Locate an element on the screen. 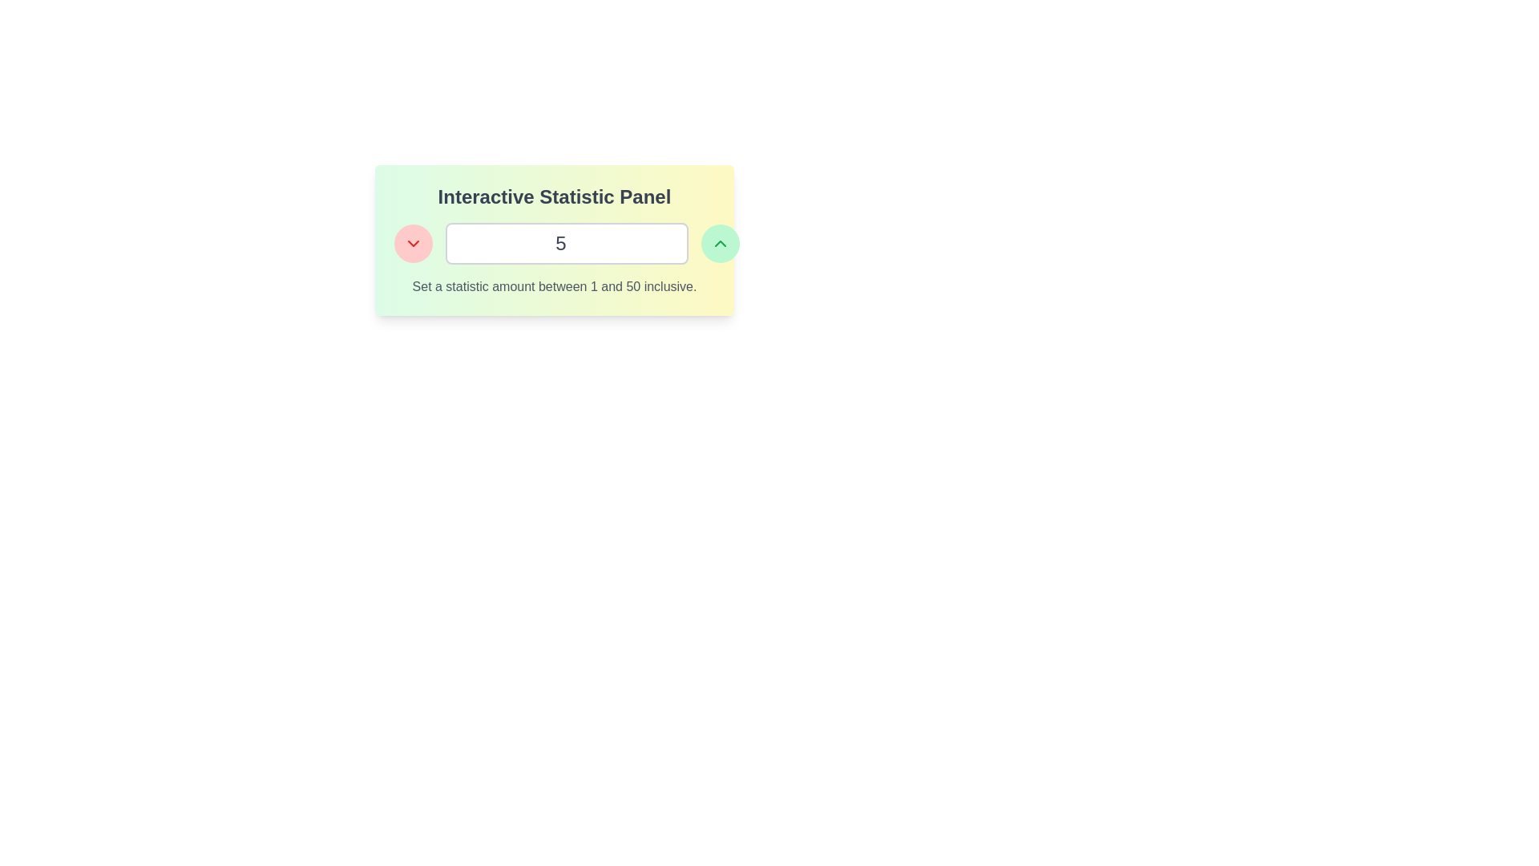  the rightmost button in the 'Interactive Statistic Panel' to increase the numeric value displayed in the adjacent input field is located at coordinates (719, 244).